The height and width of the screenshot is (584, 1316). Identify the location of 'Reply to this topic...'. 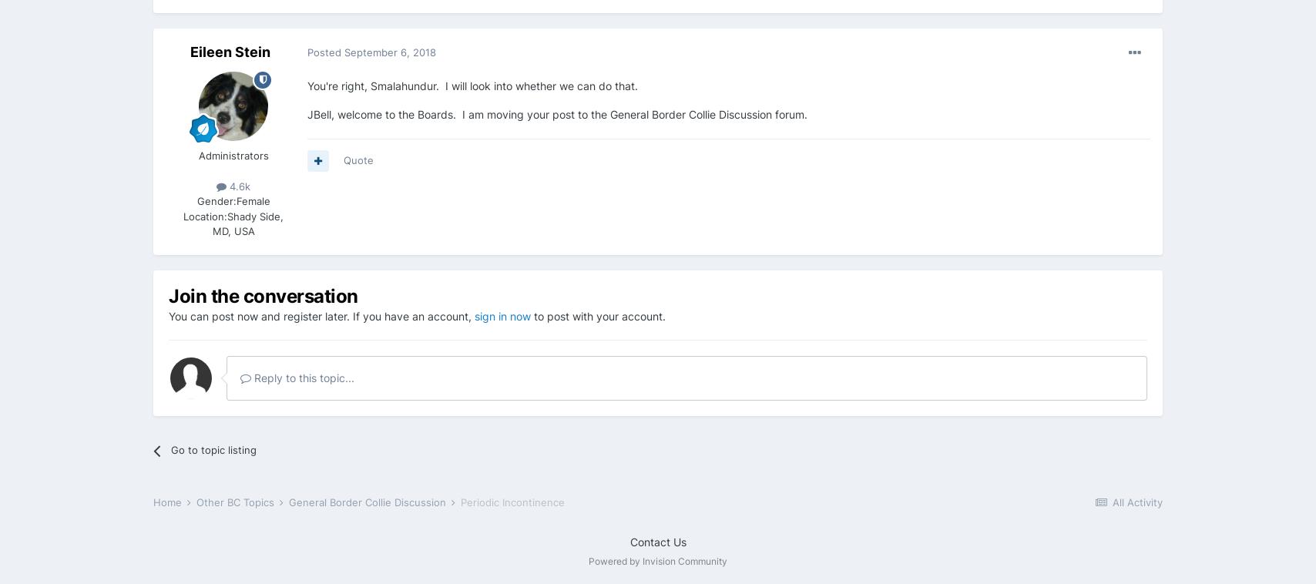
(303, 376).